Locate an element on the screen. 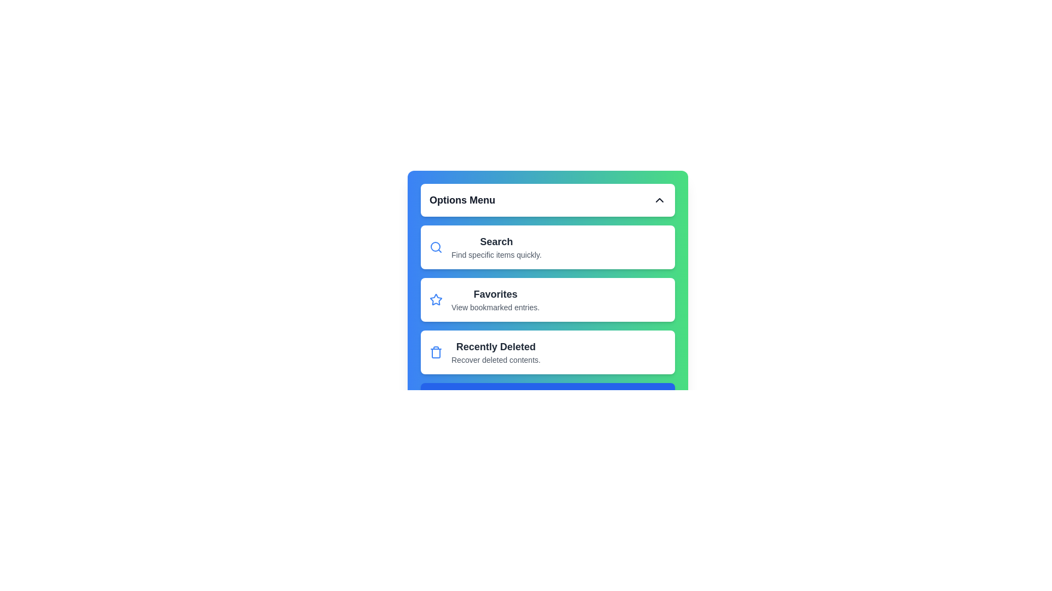 Image resolution: width=1052 pixels, height=591 pixels. the 'Favorites' label, which is a bold, large-sized text in dark gray color, positioned at the top of the menu box in the middle column, directly under 'Search' is located at coordinates (495, 293).